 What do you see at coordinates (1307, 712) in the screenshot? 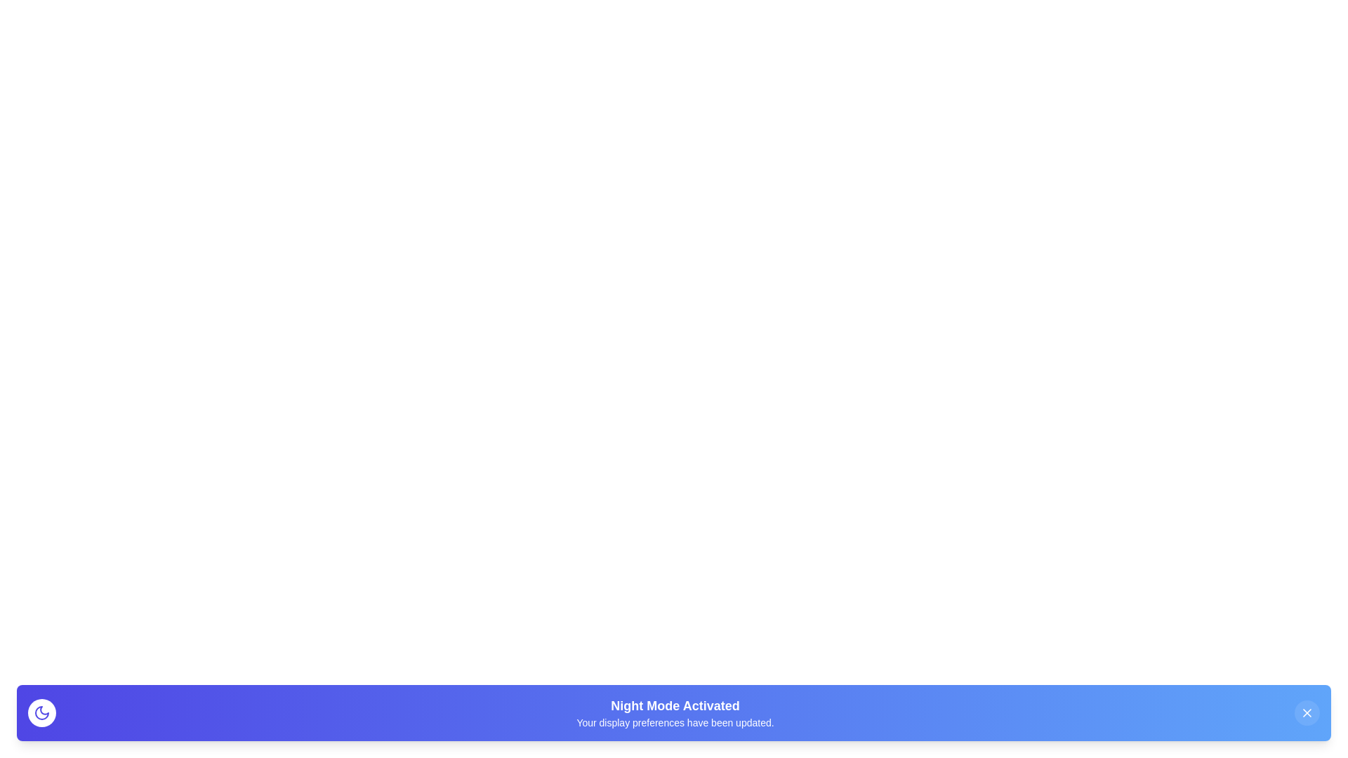
I see `close button on the snackbar to dismiss it` at bounding box center [1307, 712].